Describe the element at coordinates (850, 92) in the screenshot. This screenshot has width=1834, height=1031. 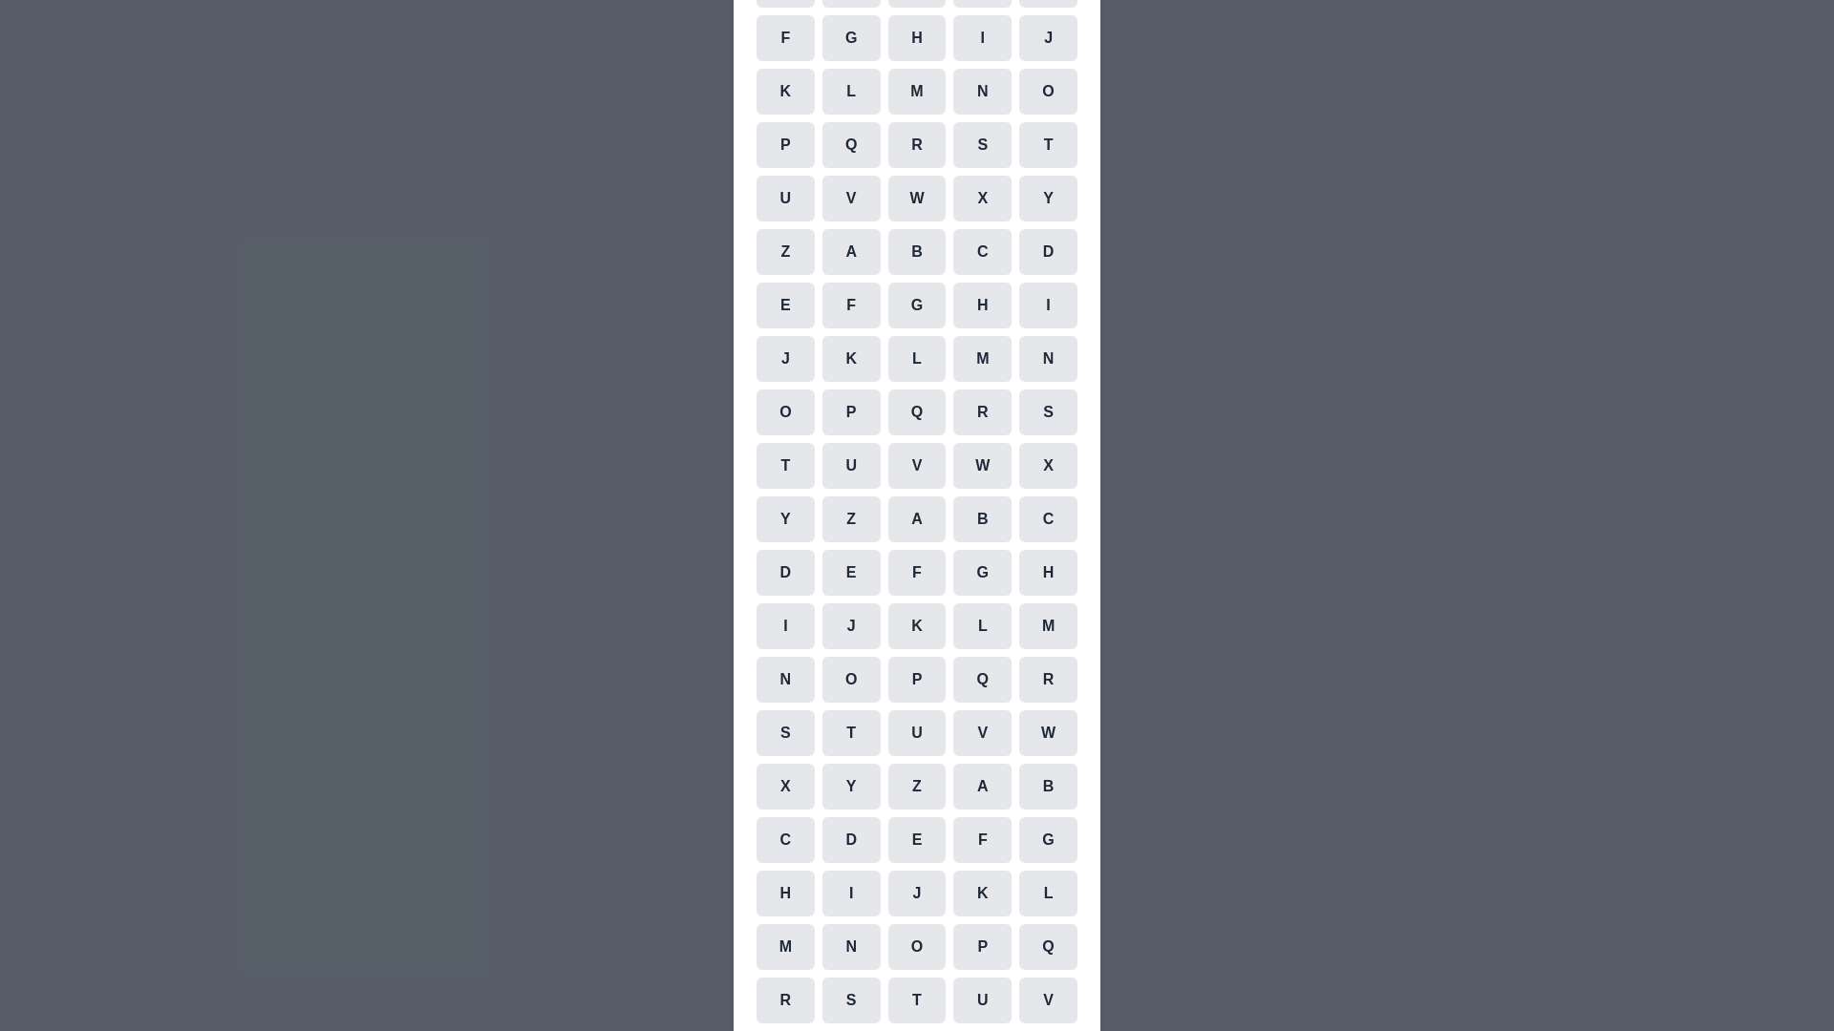
I see `the cell representing the character L` at that location.